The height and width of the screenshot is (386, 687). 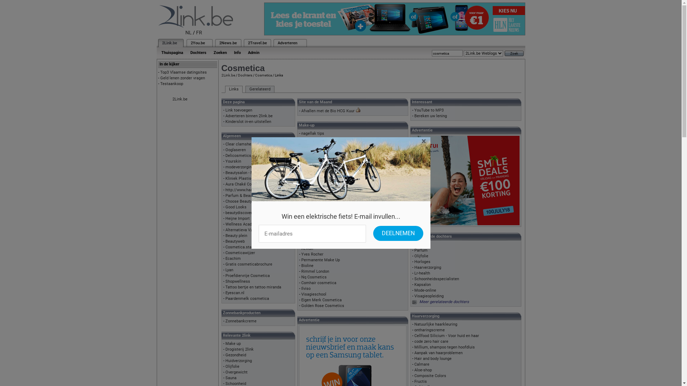 What do you see at coordinates (240, 230) in the screenshot?
I see `'Alternatieva Vzw'` at bounding box center [240, 230].